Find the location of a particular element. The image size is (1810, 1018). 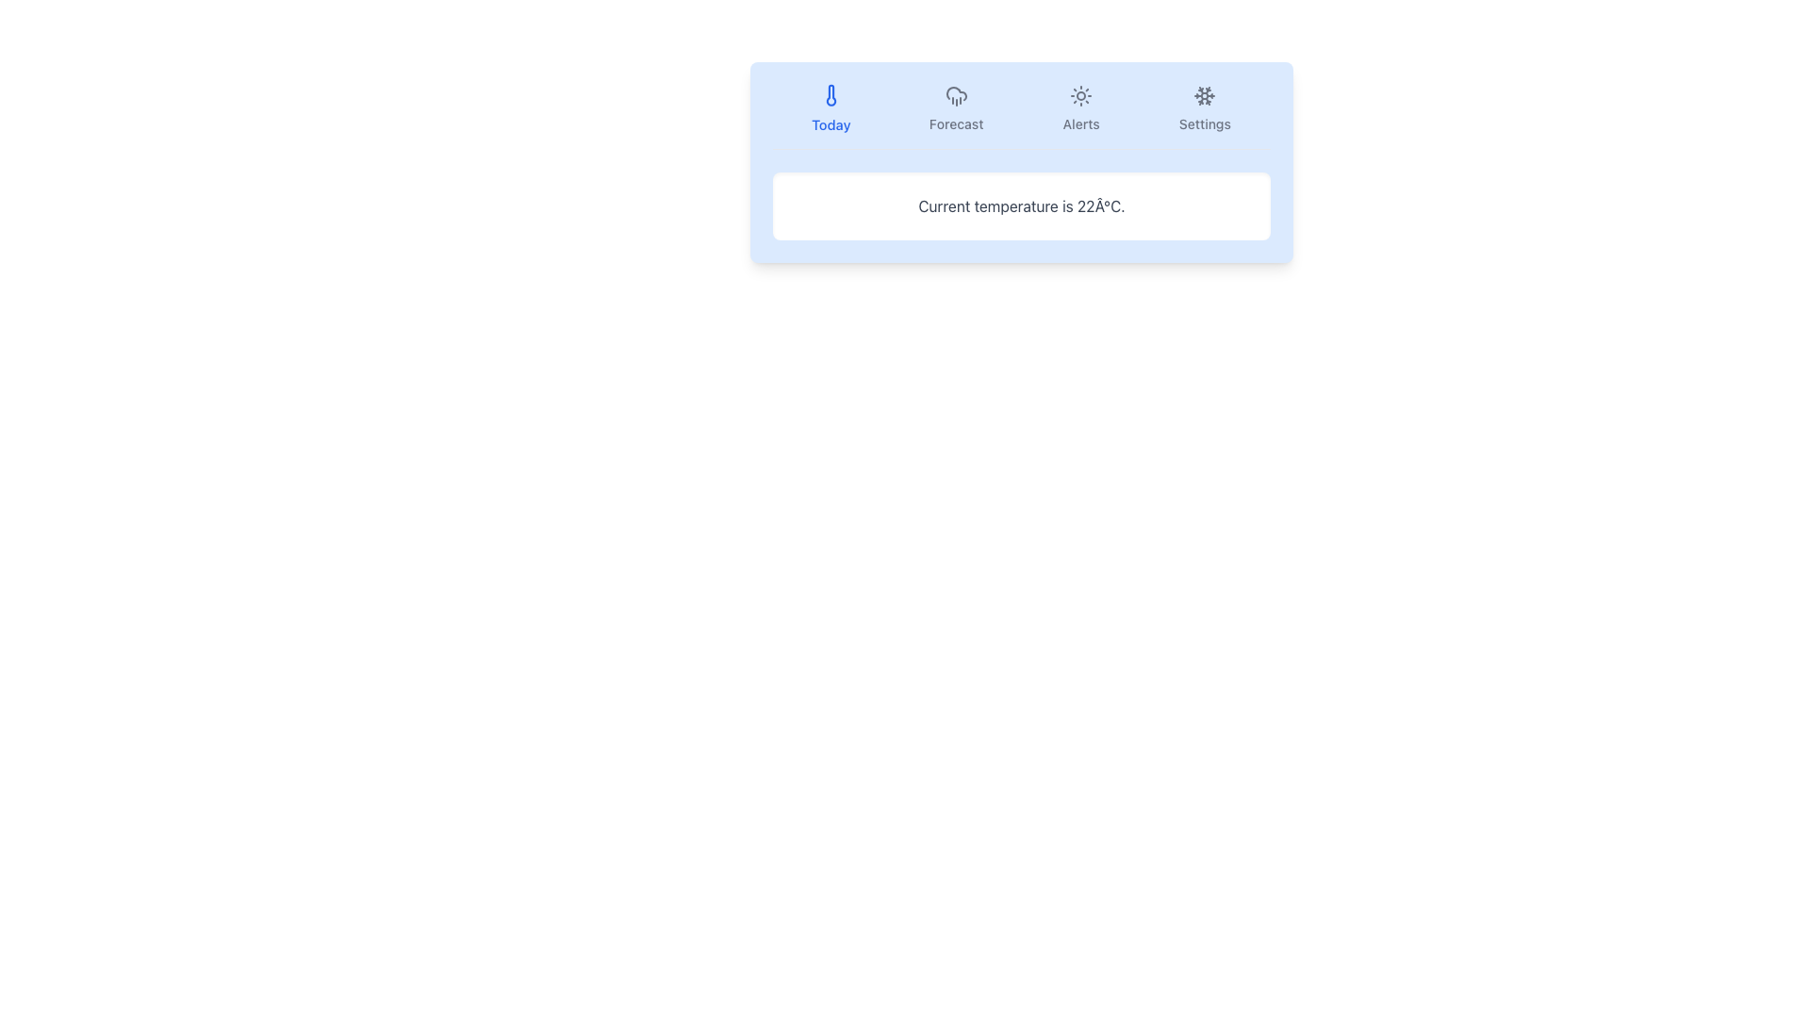

the 'Forecast' text label in the navigation bar, which is located under the cloud with rain icon and is positioned between 'Today' and 'Alerts' is located at coordinates (956, 123).